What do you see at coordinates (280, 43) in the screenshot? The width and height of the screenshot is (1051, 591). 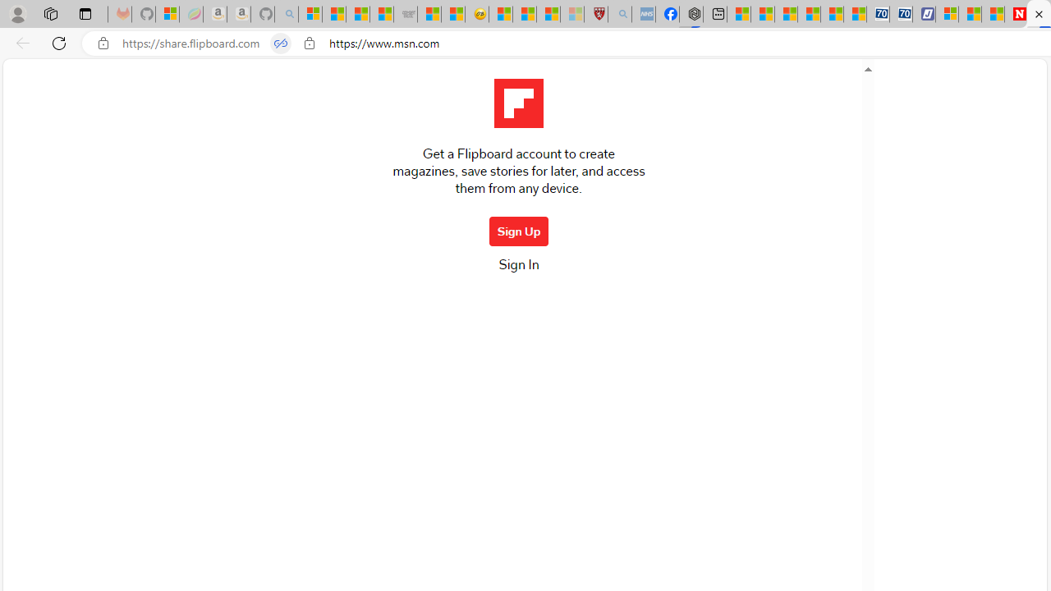 I see `'Tabs in split screen'` at bounding box center [280, 43].